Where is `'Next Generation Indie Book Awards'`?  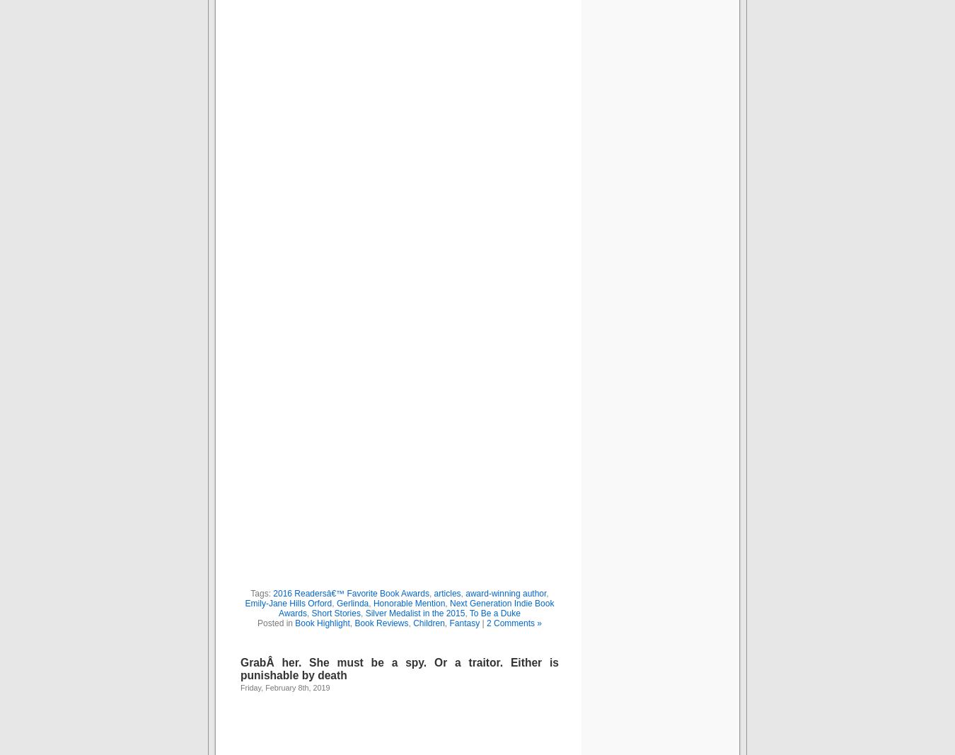
'Next Generation Indie Book Awards' is located at coordinates (279, 607).